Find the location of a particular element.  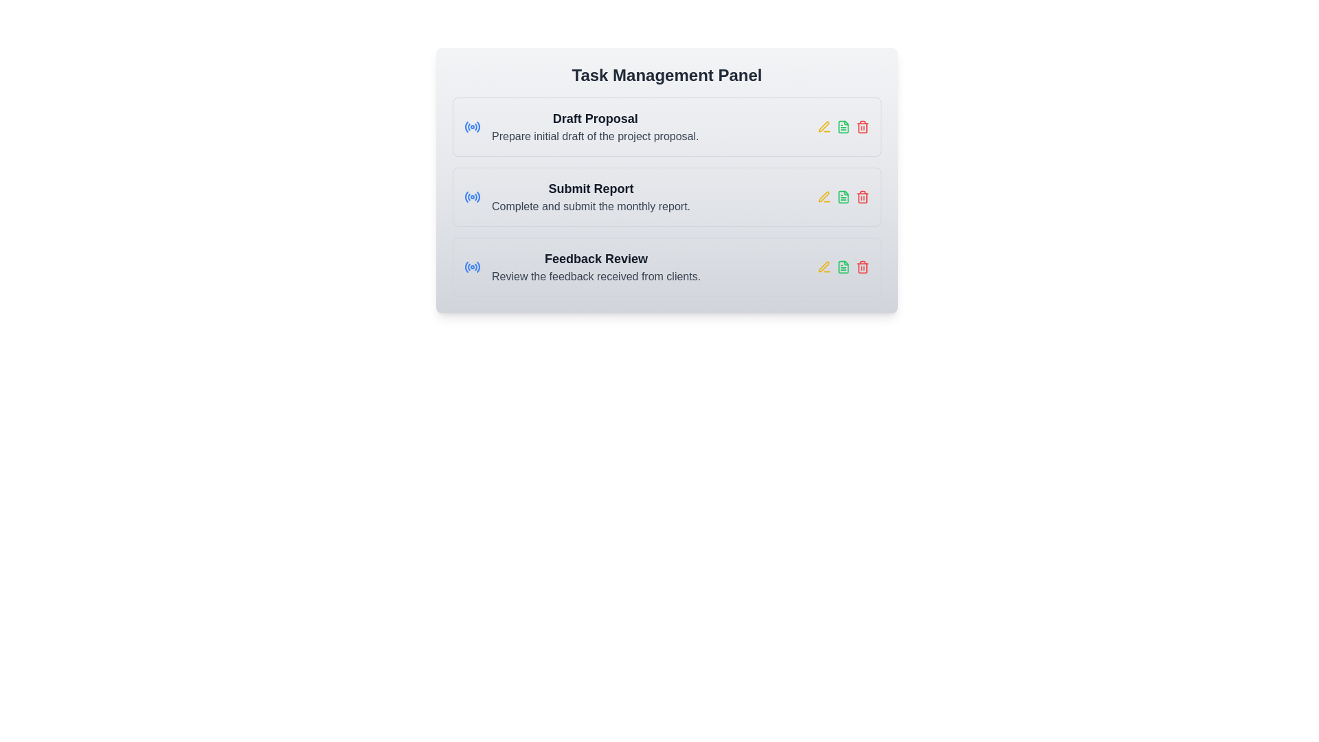

the text element that reads 'Complete and submit the monthly report.' which is displayed in medium-dark gray and is located below the 'Submit Report' heading is located at coordinates (591, 206).